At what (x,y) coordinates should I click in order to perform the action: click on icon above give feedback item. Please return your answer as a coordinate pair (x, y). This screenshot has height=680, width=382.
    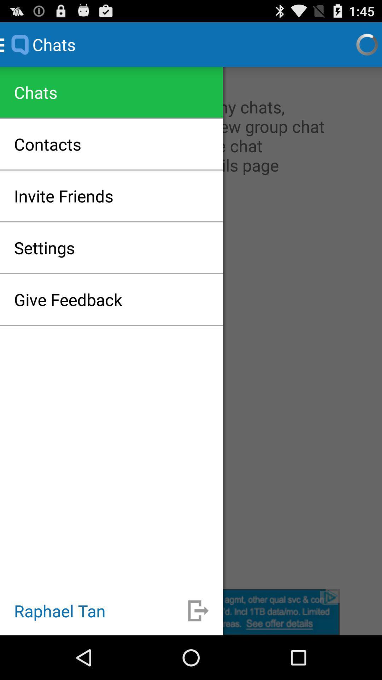
    Looking at the image, I should click on (44, 248).